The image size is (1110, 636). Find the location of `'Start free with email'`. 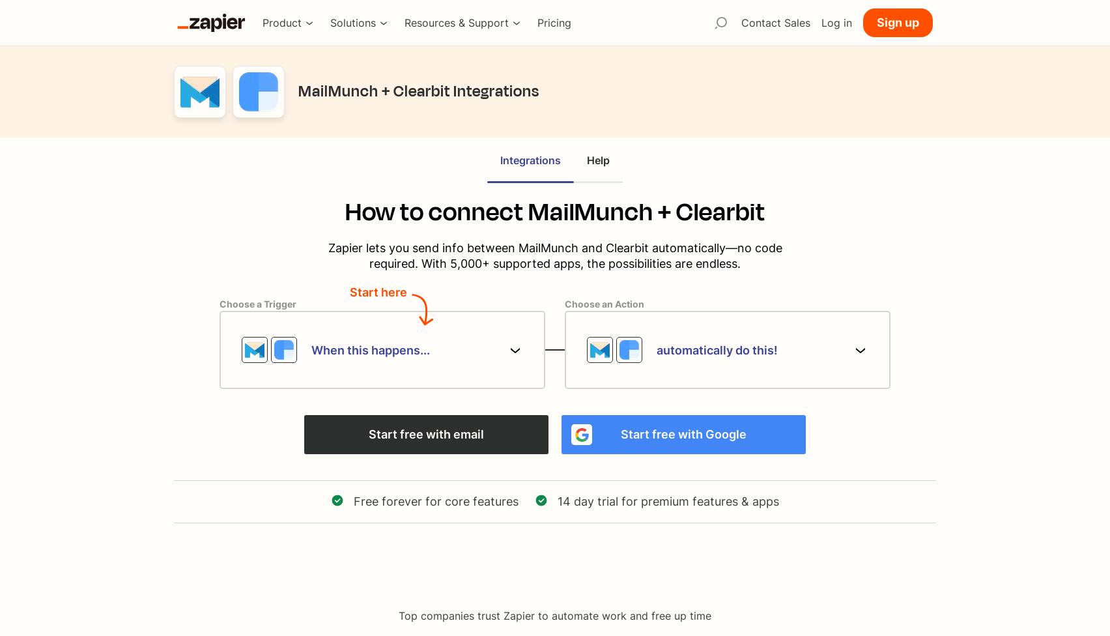

'Start free with email' is located at coordinates (425, 433).